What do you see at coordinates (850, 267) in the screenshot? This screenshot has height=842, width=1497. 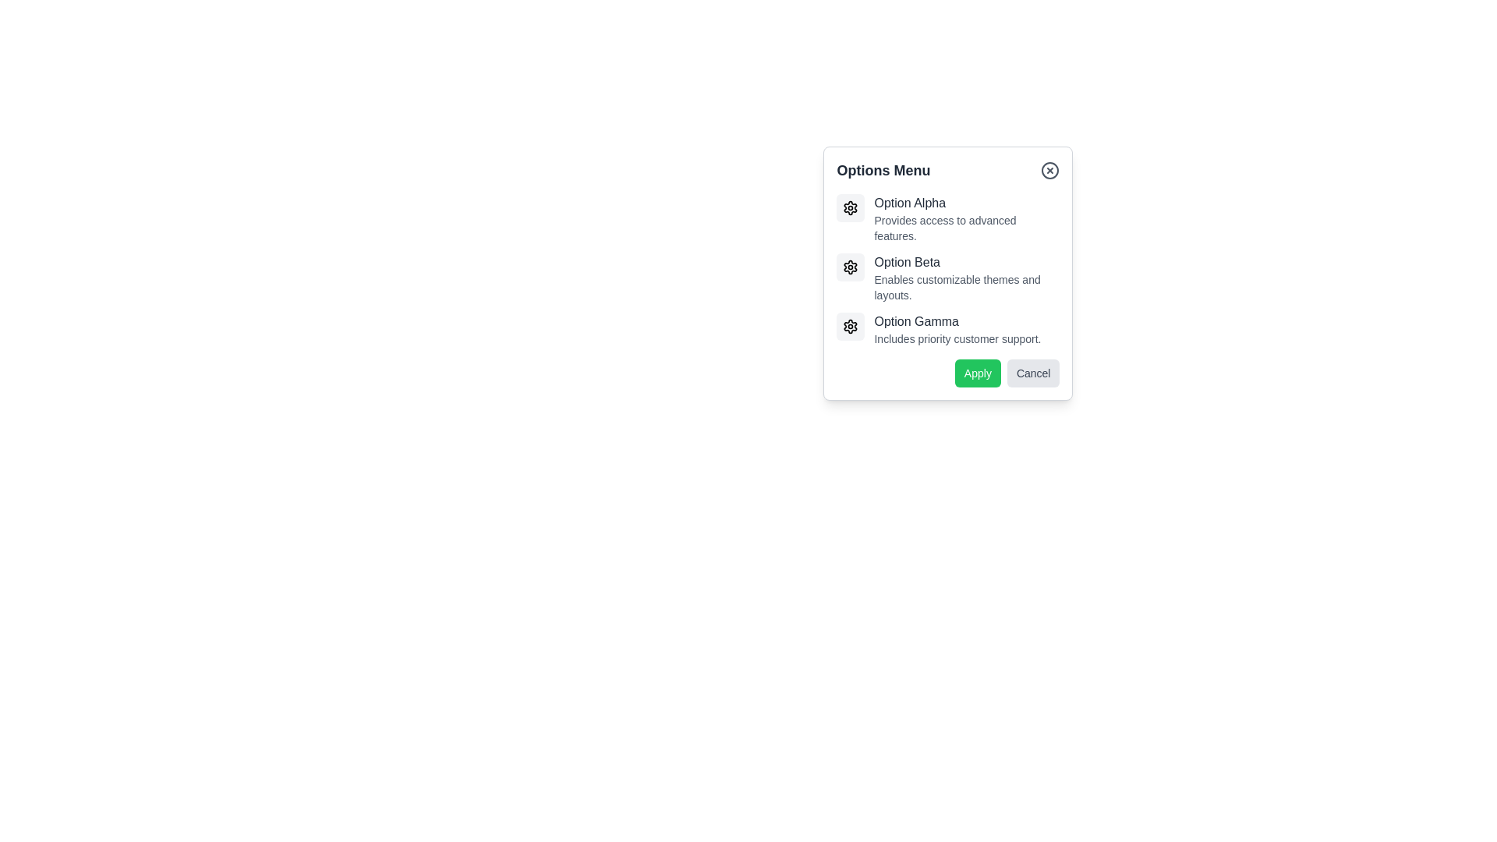 I see `the settings icon button located` at bounding box center [850, 267].